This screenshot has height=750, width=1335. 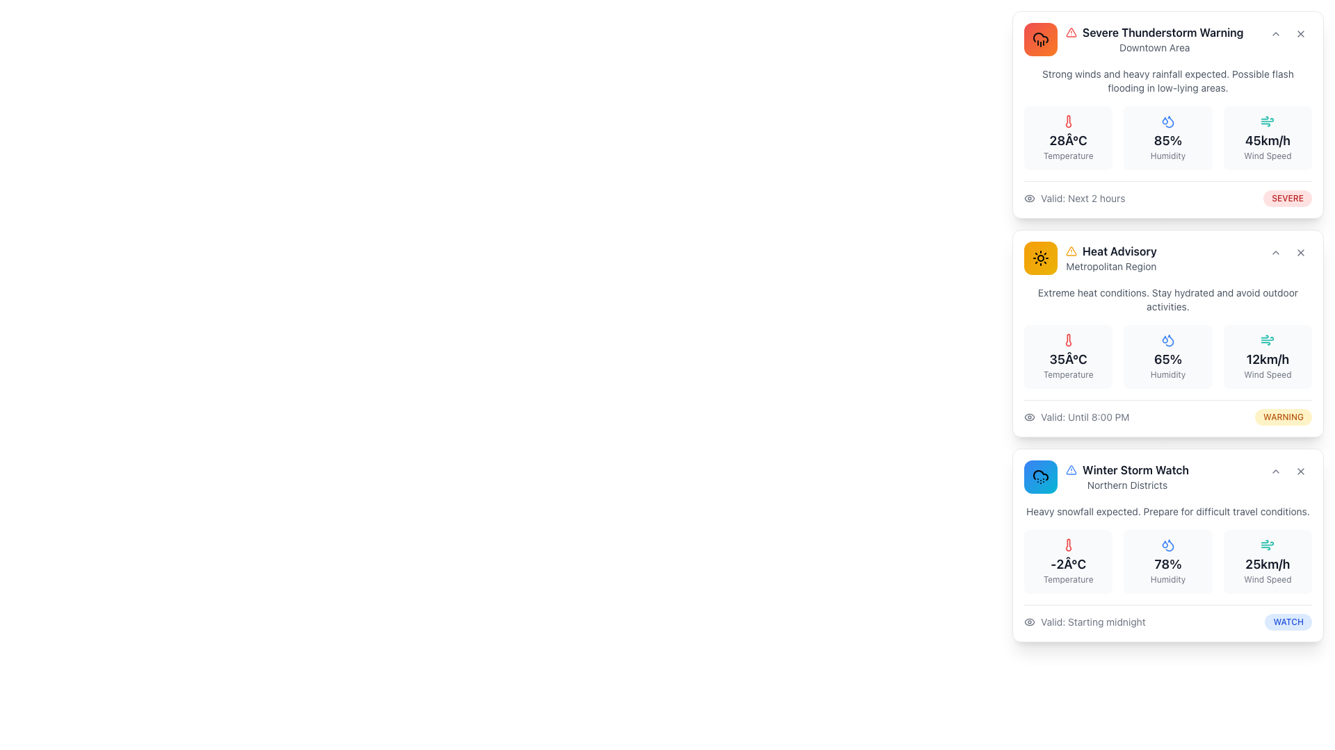 What do you see at coordinates (1300, 252) in the screenshot?
I see `the 'X' icon button in the top-right corner of the 'Heat Advisory' card` at bounding box center [1300, 252].